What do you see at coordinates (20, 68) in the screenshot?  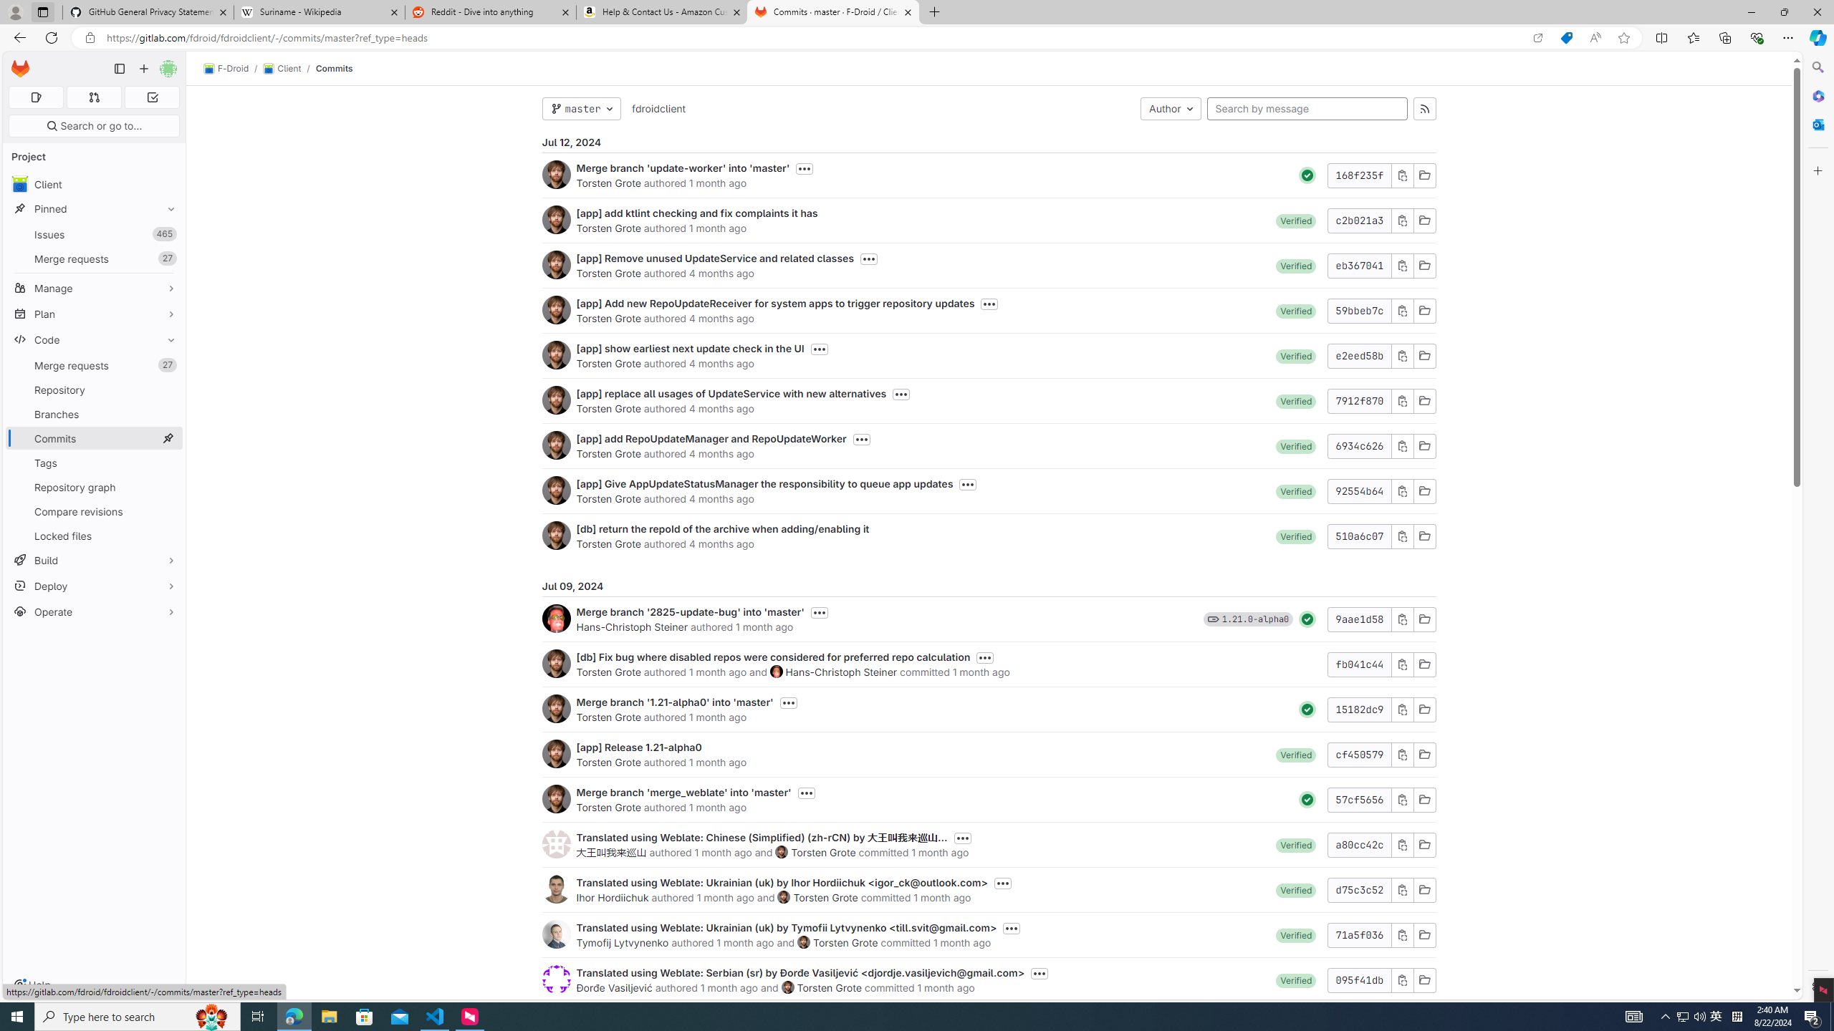 I see `'Homepage'` at bounding box center [20, 68].